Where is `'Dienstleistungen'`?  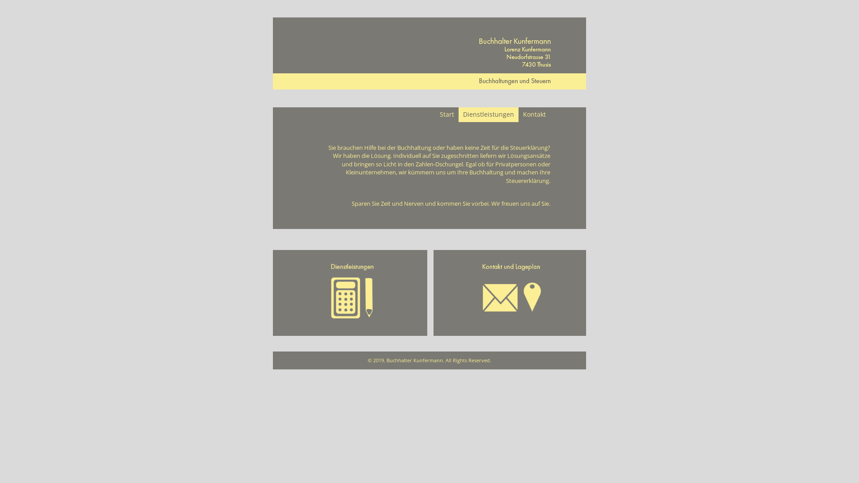
'Dienstleistungen' is located at coordinates (488, 114).